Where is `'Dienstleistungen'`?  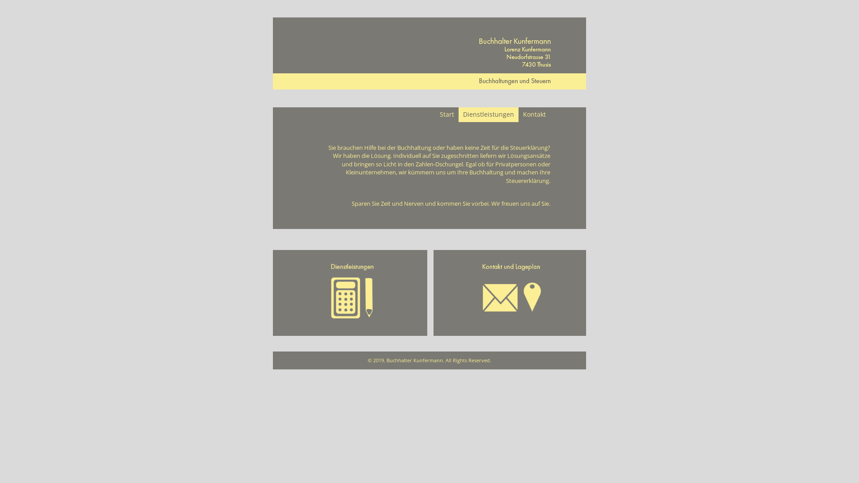
'Dienstleistungen' is located at coordinates (488, 114).